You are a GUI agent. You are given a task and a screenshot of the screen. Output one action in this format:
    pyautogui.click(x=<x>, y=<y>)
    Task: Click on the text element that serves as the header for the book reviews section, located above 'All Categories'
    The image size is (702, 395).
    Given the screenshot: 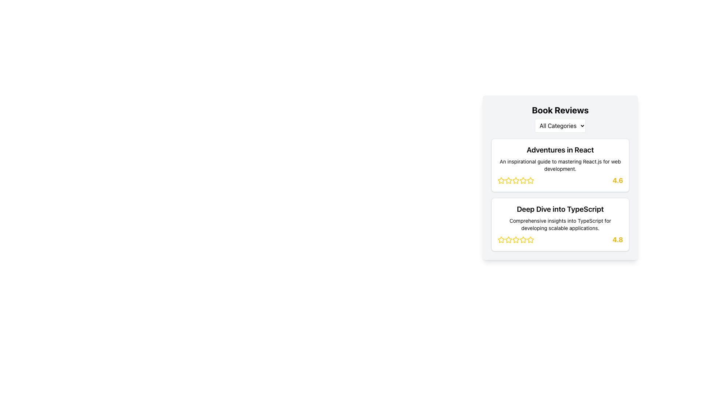 What is the action you would take?
    pyautogui.click(x=560, y=110)
    